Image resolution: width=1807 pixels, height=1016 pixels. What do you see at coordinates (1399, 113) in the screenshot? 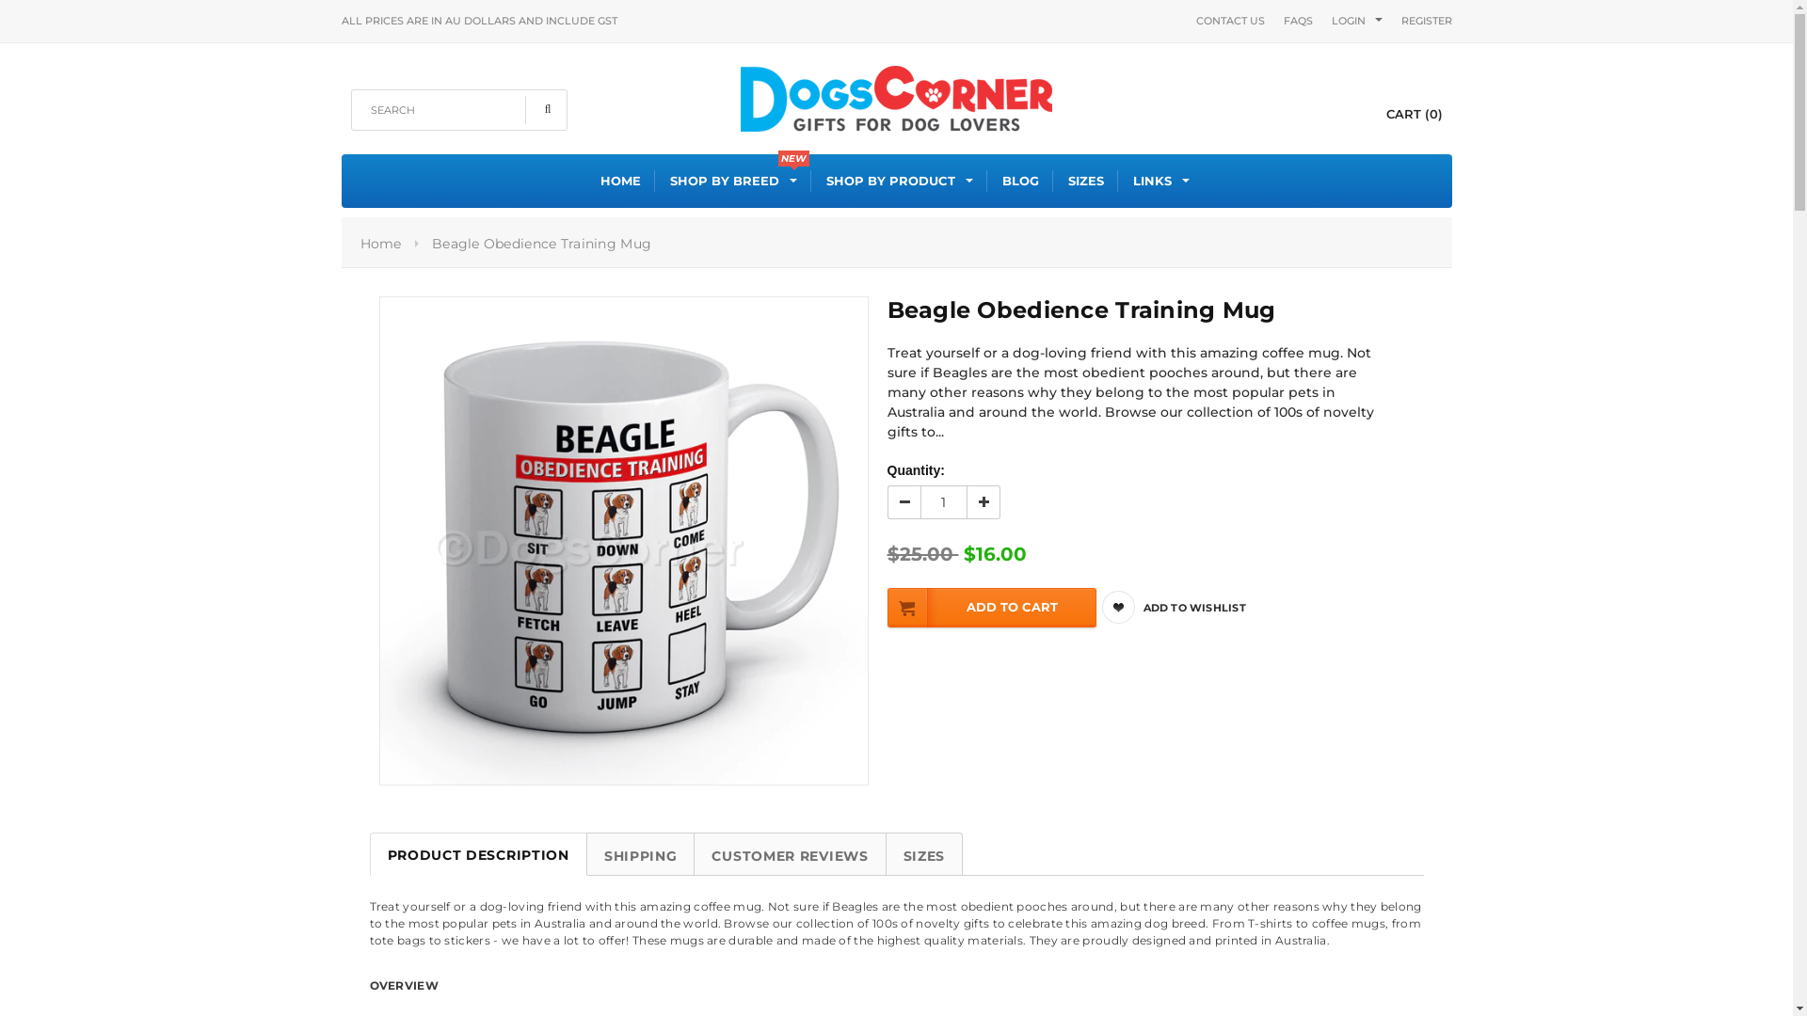
I see `'  CART (0)'` at bounding box center [1399, 113].